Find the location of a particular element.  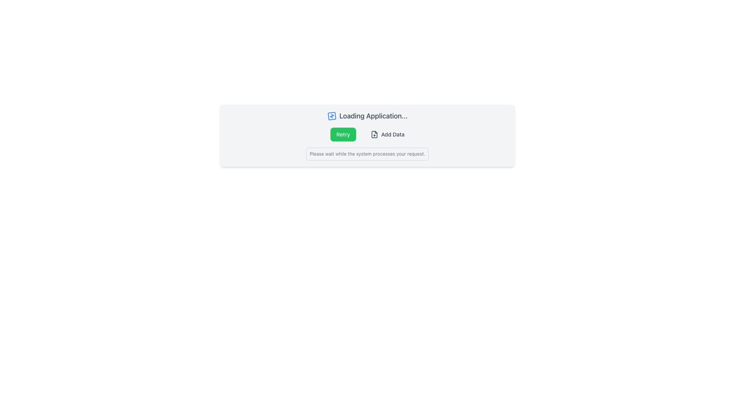

the text label displaying 'Loading Application...' which is styled in gray with a bold font, positioned to the right of a spinning blue square icon is located at coordinates (373, 116).